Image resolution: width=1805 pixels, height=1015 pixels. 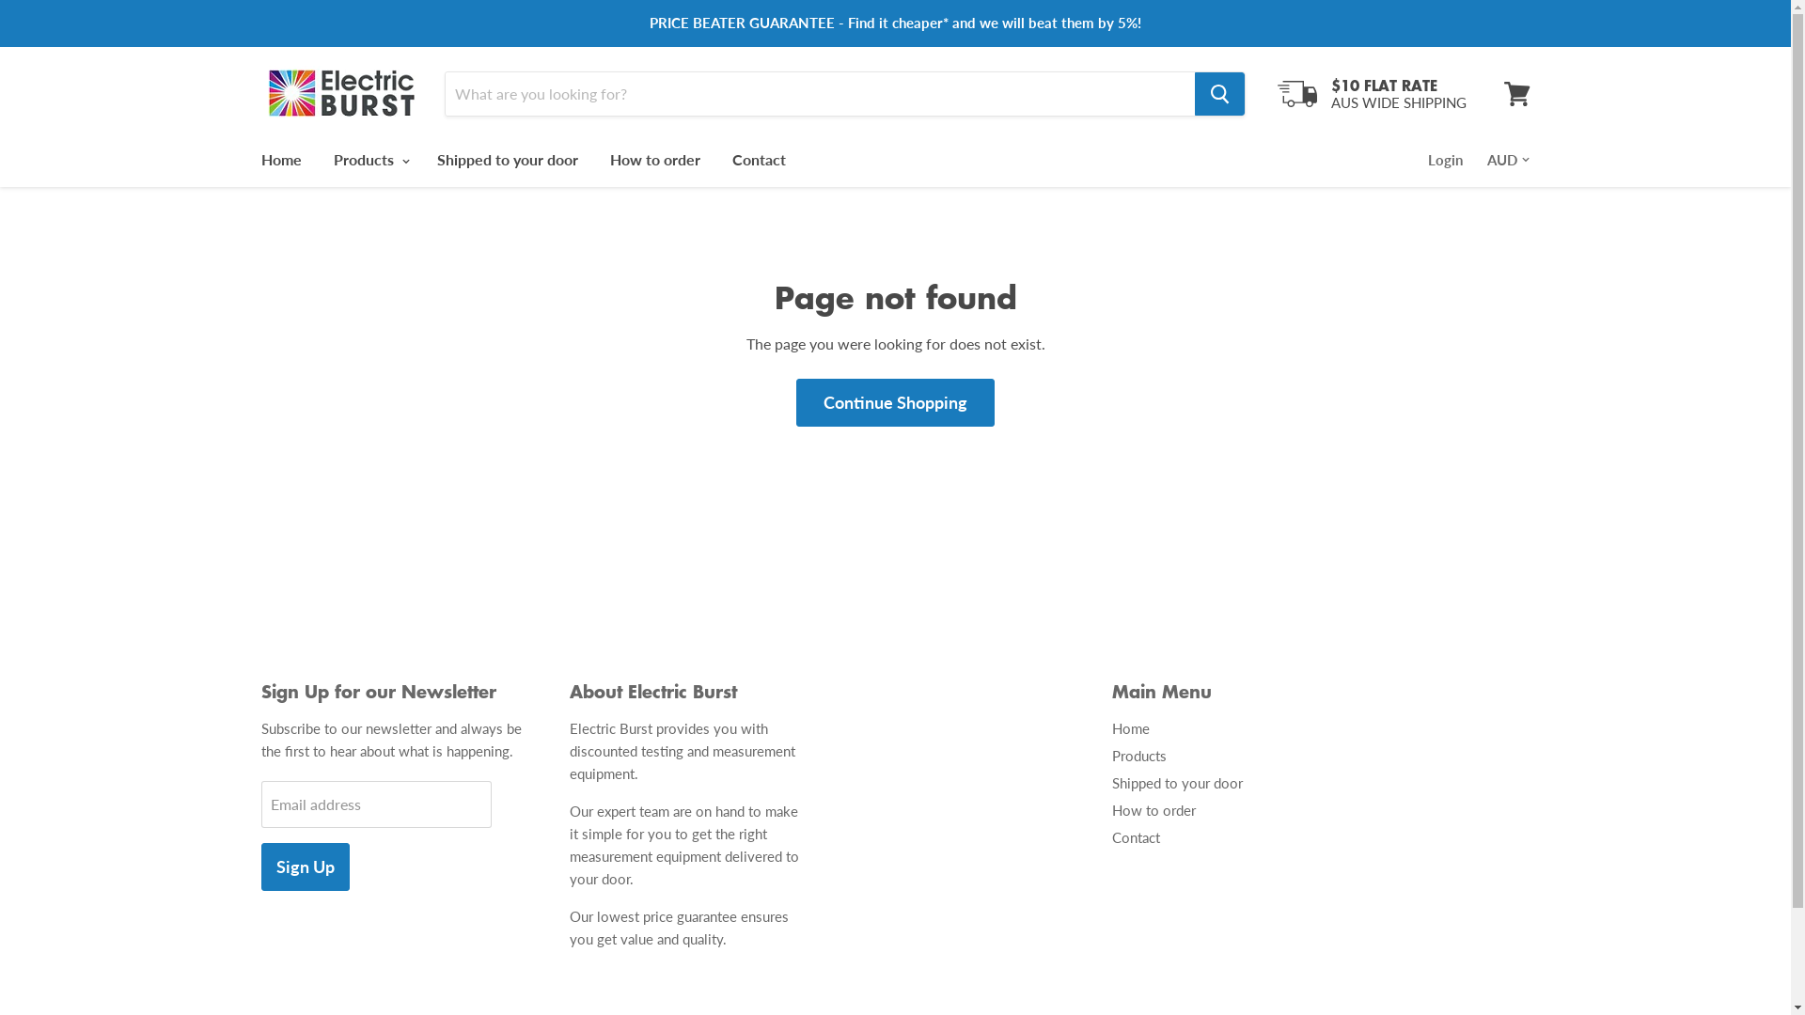 I want to click on 'Shipped to your door', so click(x=507, y=158).